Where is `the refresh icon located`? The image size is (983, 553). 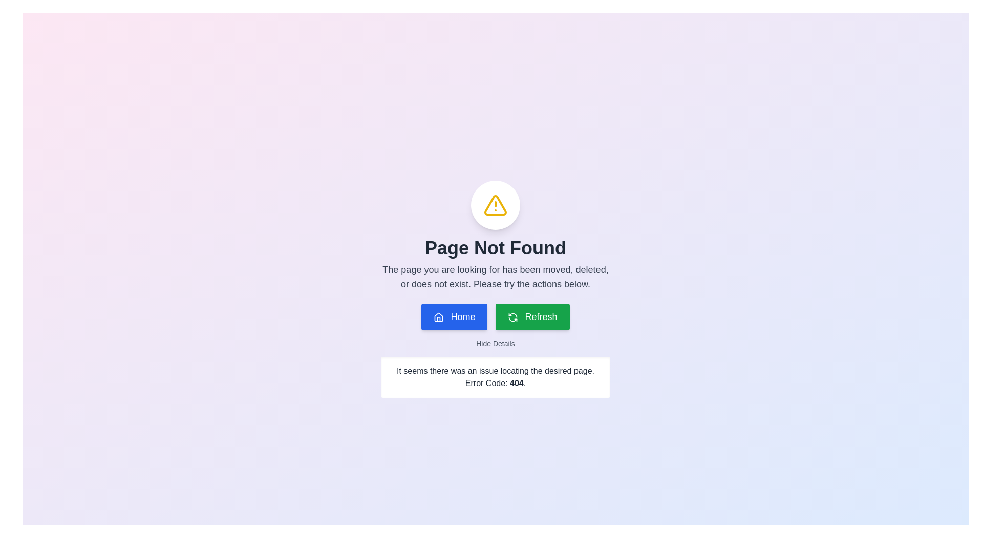 the refresh icon located is located at coordinates (513, 319).